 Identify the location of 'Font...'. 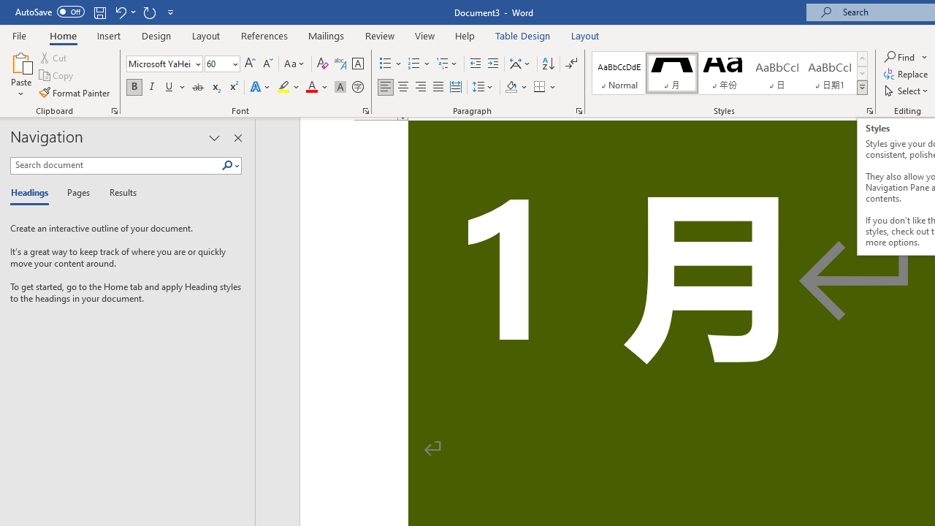
(366, 110).